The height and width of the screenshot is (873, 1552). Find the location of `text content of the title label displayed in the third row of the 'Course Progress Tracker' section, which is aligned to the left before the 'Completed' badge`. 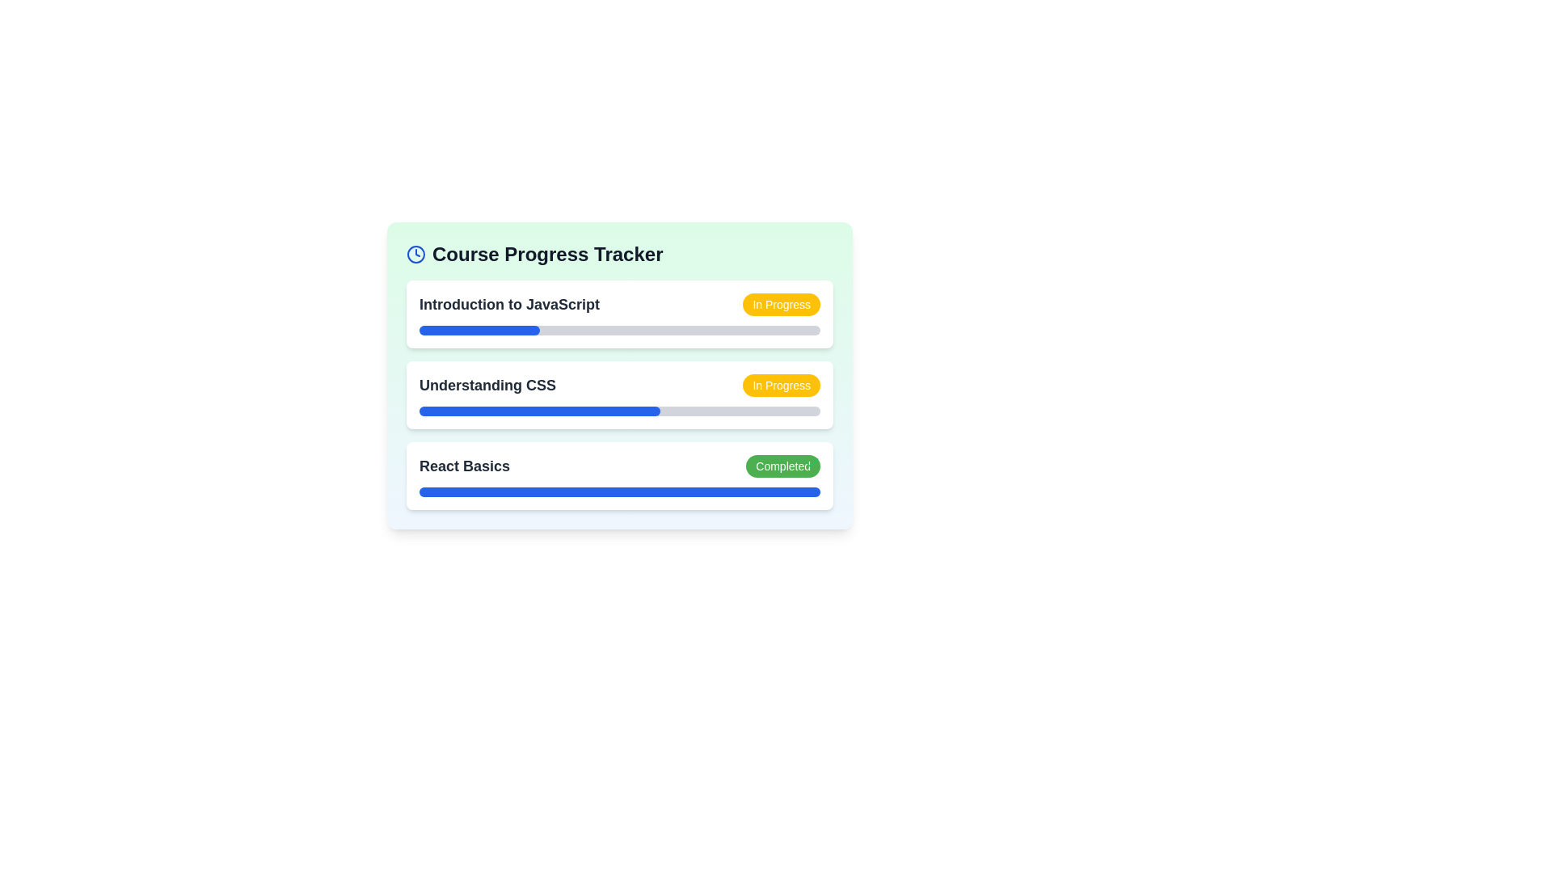

text content of the title label displayed in the third row of the 'Course Progress Tracker' section, which is aligned to the left before the 'Completed' badge is located at coordinates (464, 466).